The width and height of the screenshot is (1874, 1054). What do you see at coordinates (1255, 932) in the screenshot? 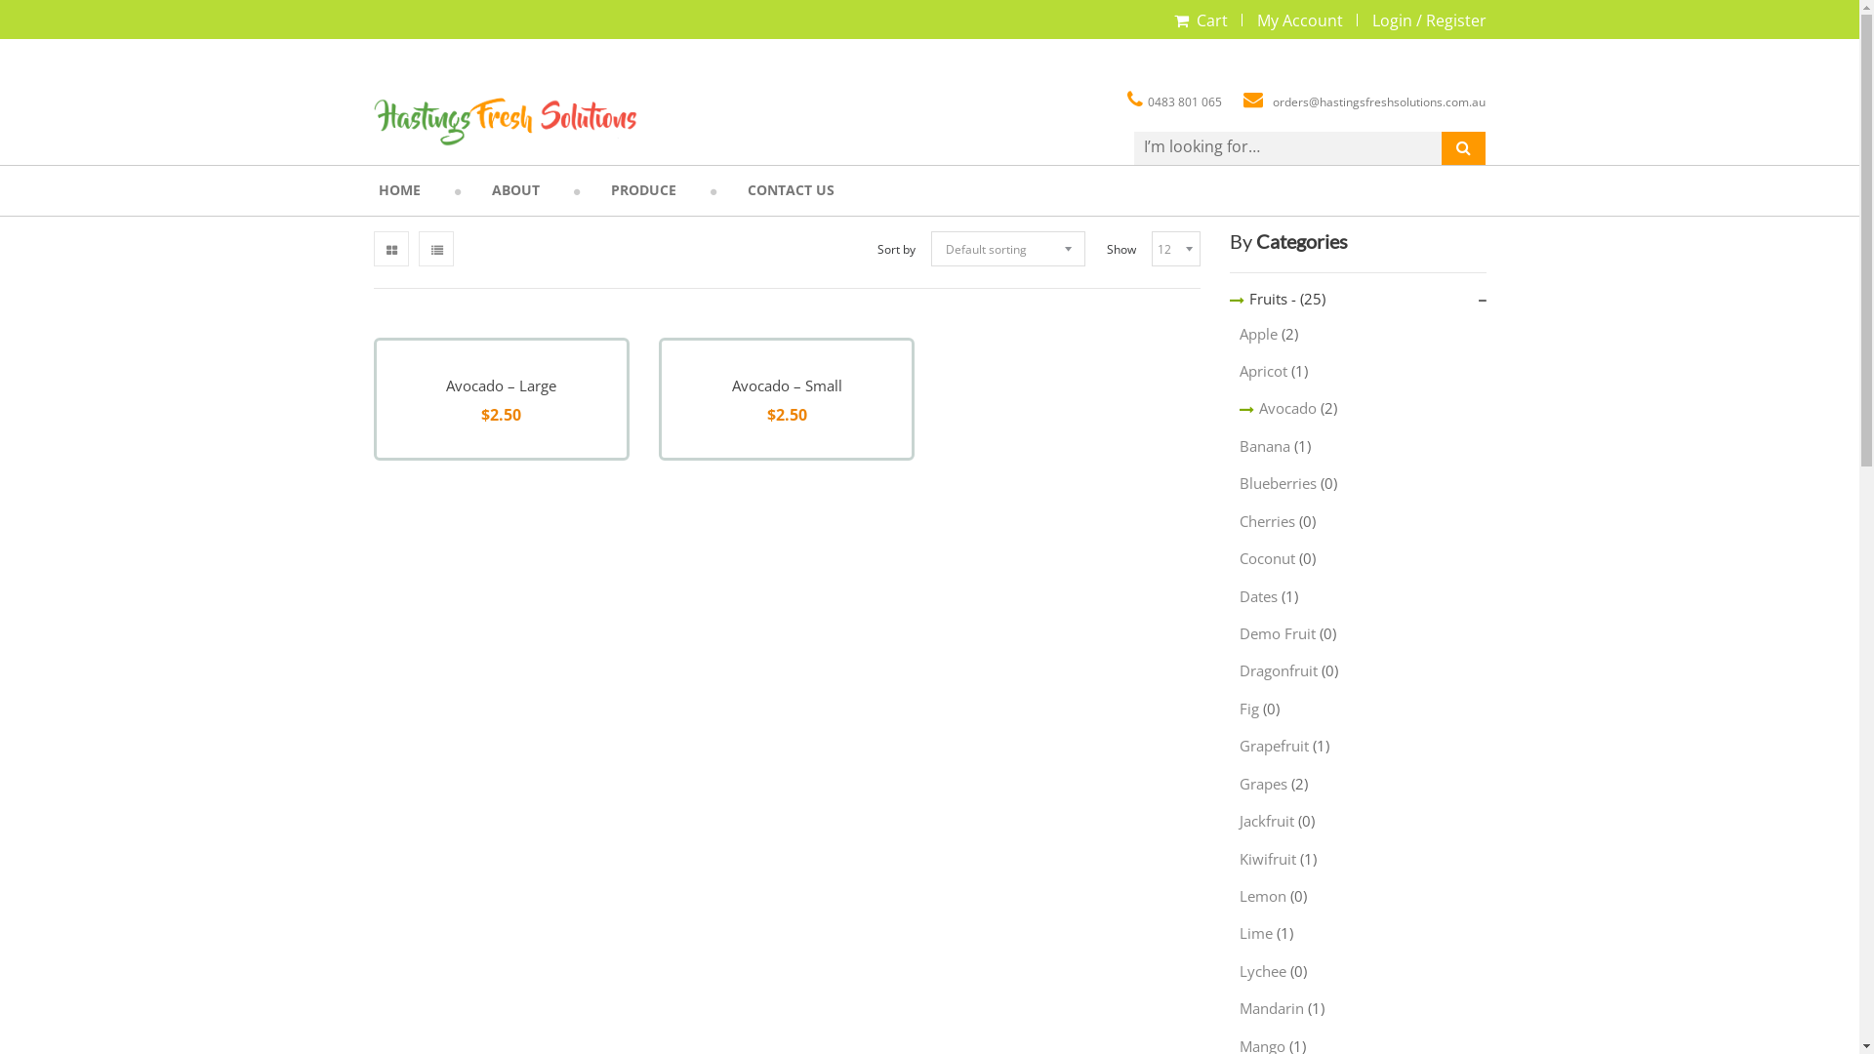
I see `'Lime'` at bounding box center [1255, 932].